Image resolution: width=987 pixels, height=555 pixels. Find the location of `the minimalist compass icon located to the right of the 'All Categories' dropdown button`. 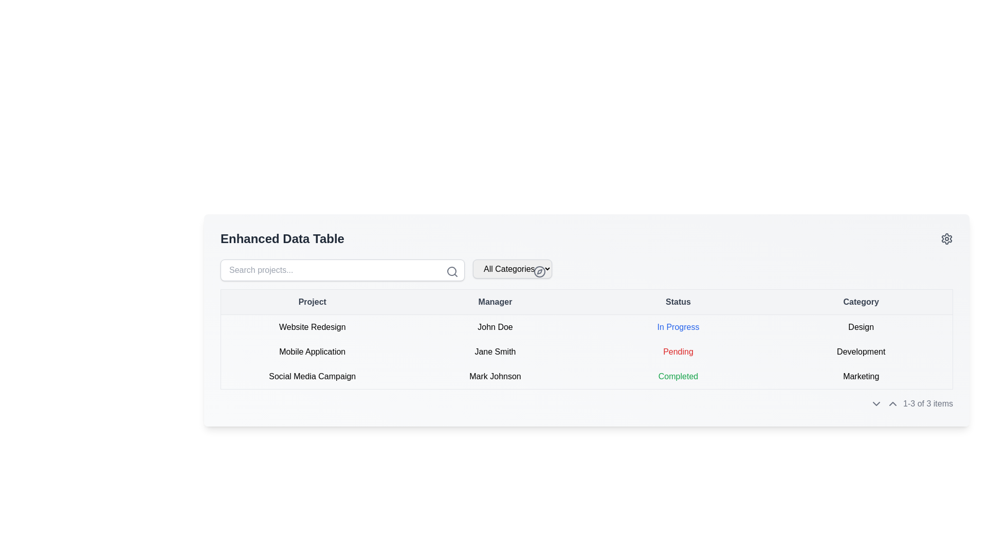

the minimalist compass icon located to the right of the 'All Categories' dropdown button is located at coordinates (539, 271).